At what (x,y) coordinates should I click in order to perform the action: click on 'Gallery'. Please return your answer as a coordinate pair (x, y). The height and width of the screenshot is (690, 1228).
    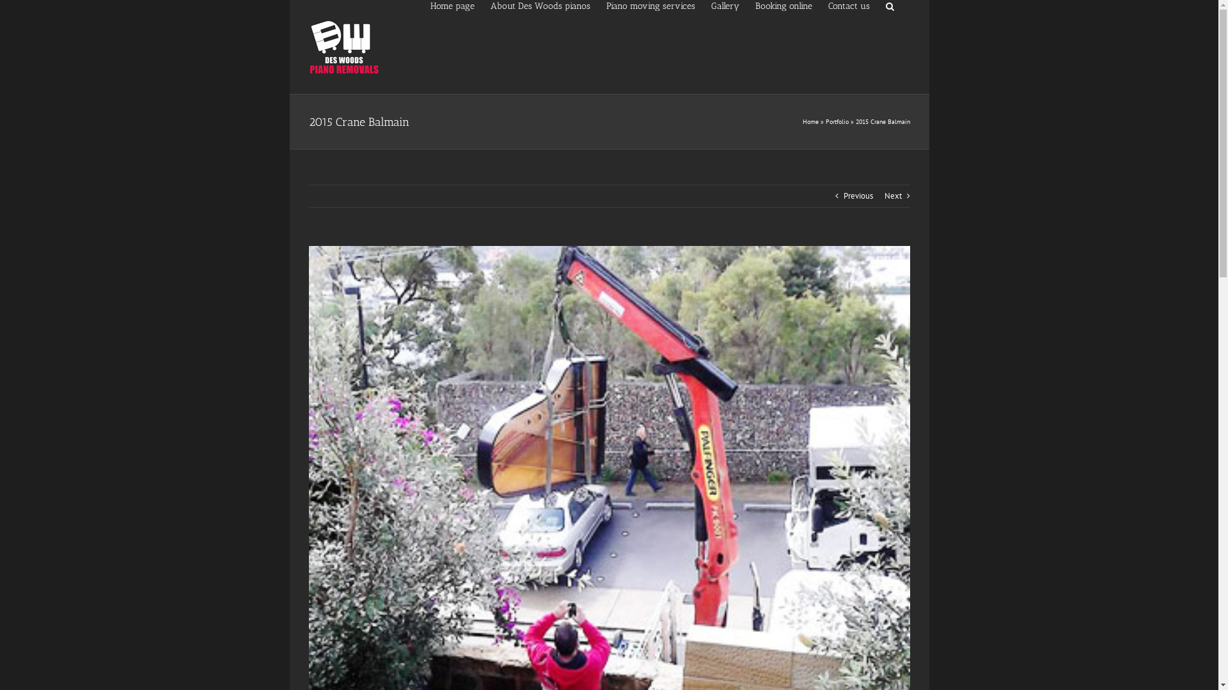
    Looking at the image, I should click on (725, 5).